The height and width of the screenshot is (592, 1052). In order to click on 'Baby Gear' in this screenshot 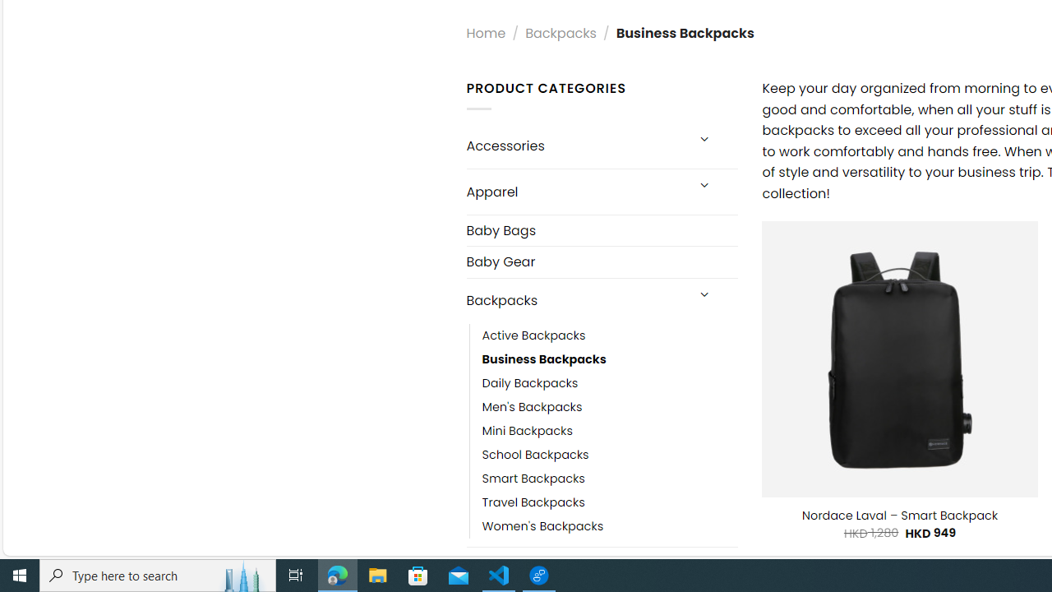, I will do `click(601, 261)`.